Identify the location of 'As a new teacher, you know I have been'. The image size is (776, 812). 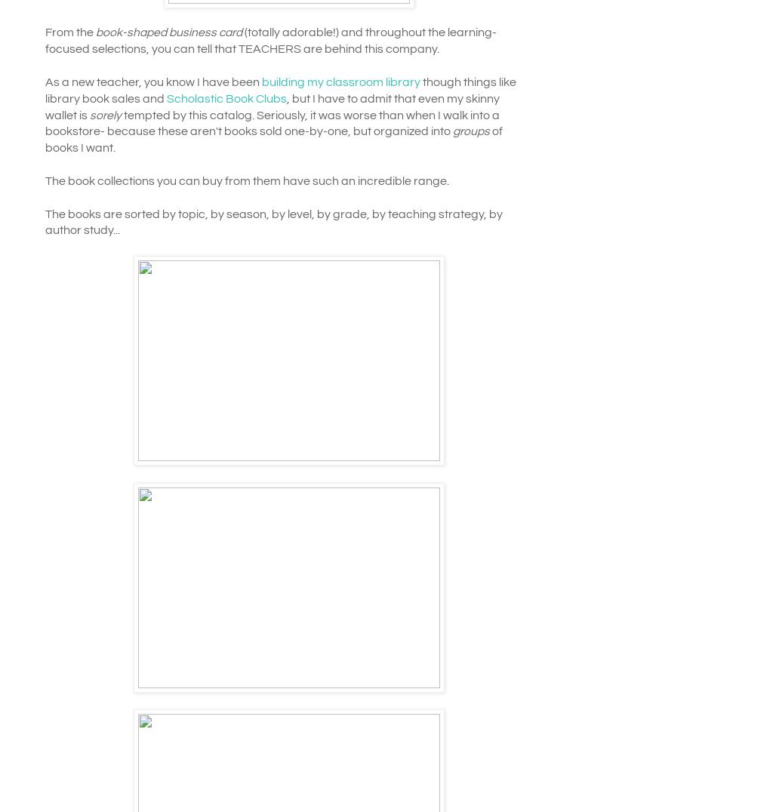
(152, 81).